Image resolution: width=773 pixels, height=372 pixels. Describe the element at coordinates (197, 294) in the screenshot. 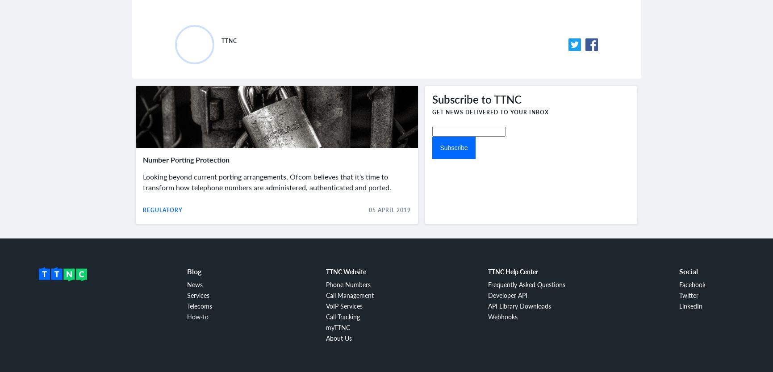

I see `'Services'` at that location.